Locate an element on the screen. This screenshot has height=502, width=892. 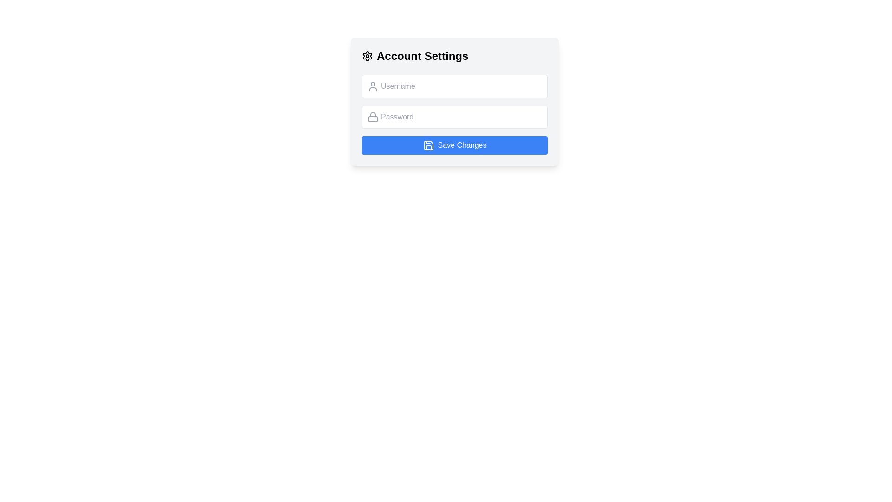
the lock body icon, which is a rectangular shape with rounded corners, located to the left of the 'Password' input field in the 'Account Settings' form is located at coordinates (373, 119).